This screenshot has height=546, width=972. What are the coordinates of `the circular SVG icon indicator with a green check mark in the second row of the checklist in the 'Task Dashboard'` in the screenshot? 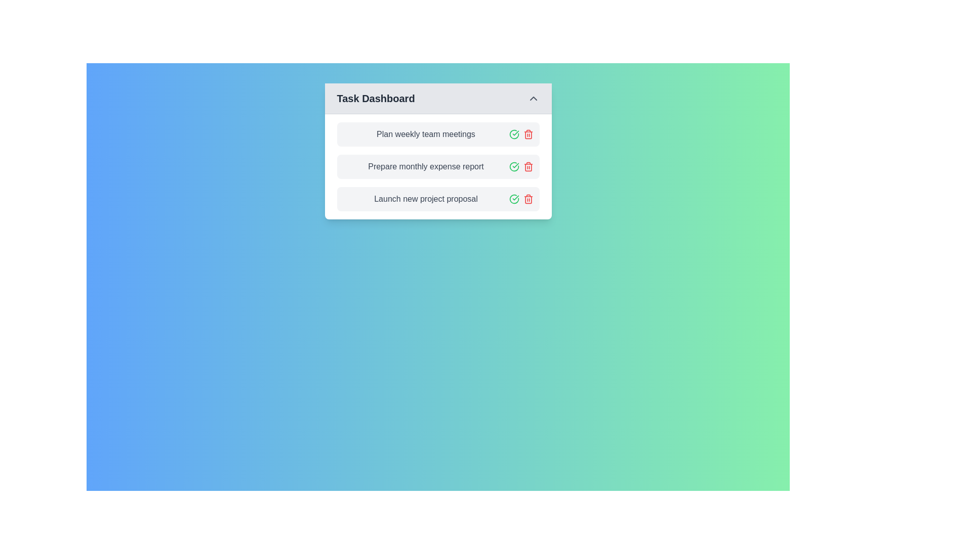 It's located at (514, 134).